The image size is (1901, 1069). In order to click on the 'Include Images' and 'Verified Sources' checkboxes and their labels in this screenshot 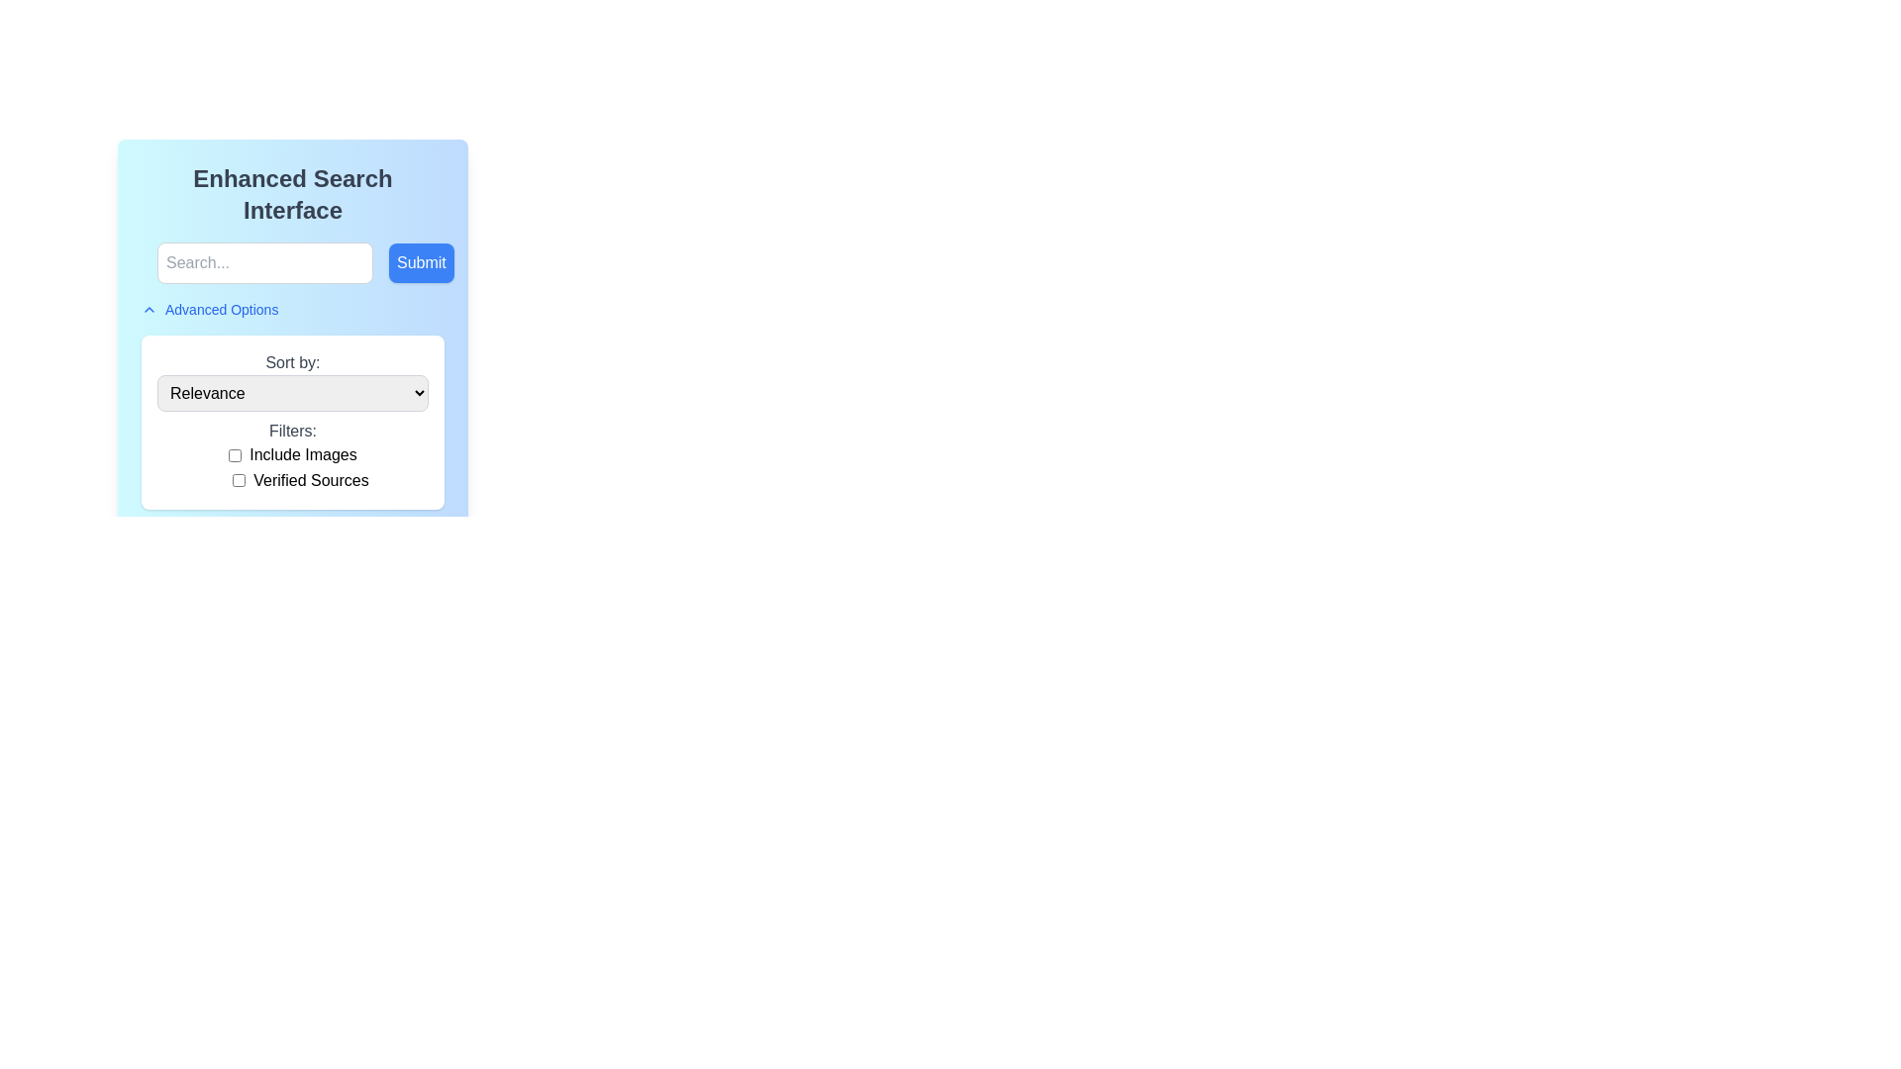, I will do `click(292, 468)`.